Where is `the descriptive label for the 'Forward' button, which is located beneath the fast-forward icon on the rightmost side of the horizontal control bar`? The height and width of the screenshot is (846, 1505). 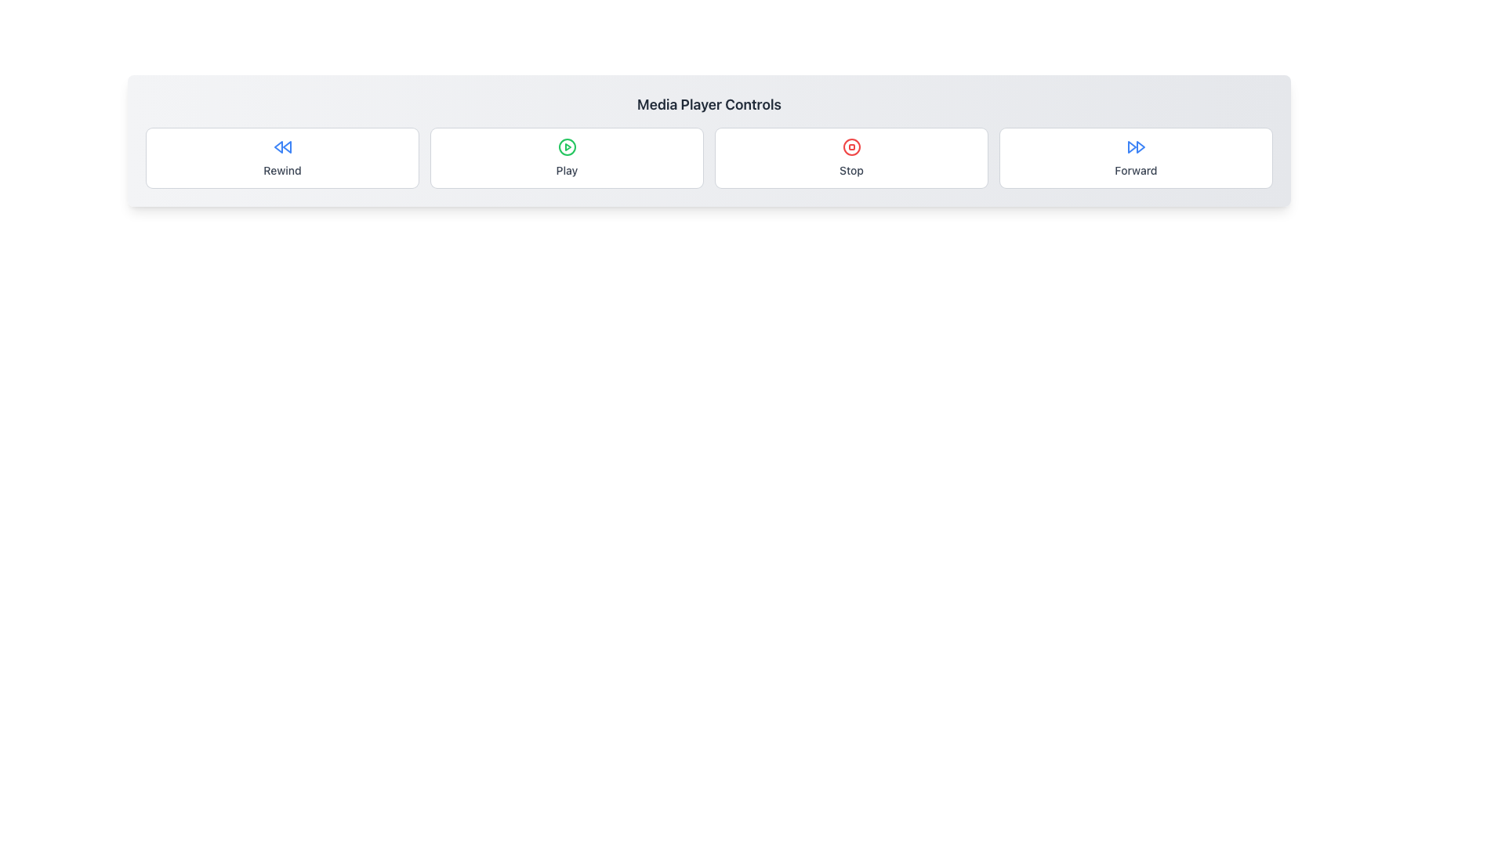
the descriptive label for the 'Forward' button, which is located beneath the fast-forward icon on the rightmost side of the horizontal control bar is located at coordinates (1136, 171).